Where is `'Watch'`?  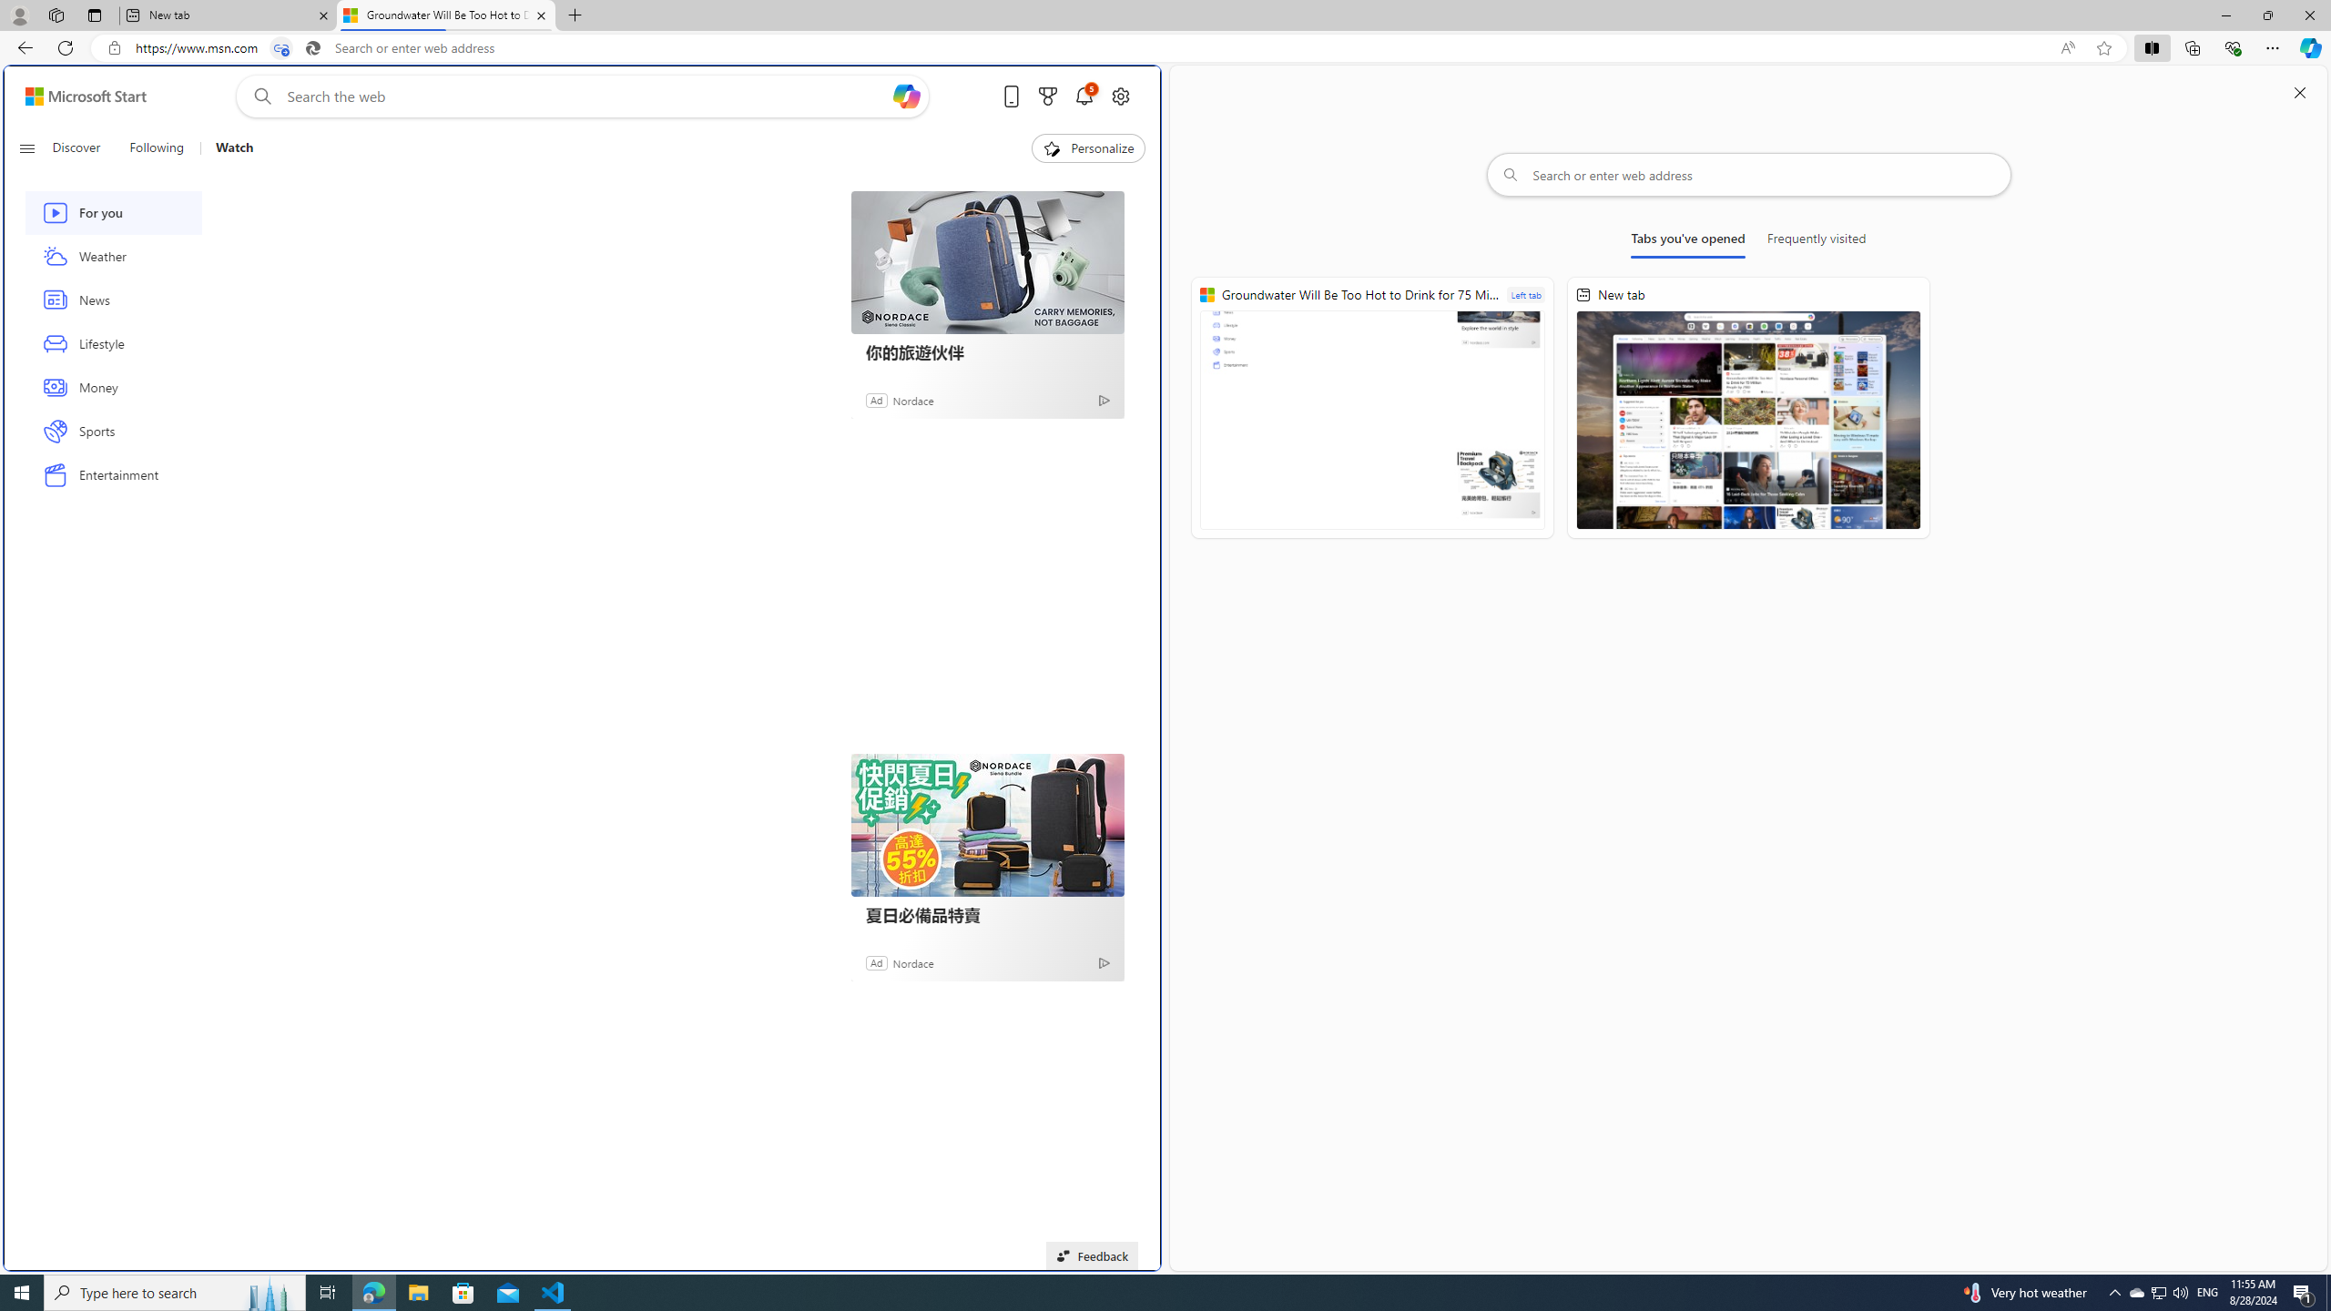 'Watch' is located at coordinates (233, 147).